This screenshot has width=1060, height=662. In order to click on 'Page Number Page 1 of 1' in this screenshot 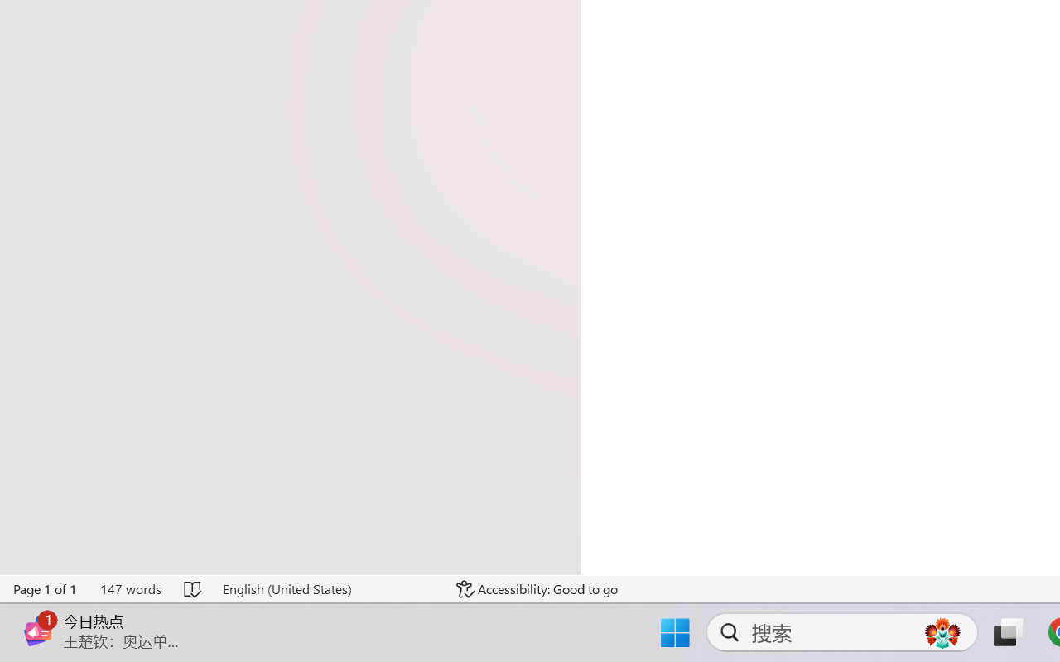, I will do `click(46, 588)`.